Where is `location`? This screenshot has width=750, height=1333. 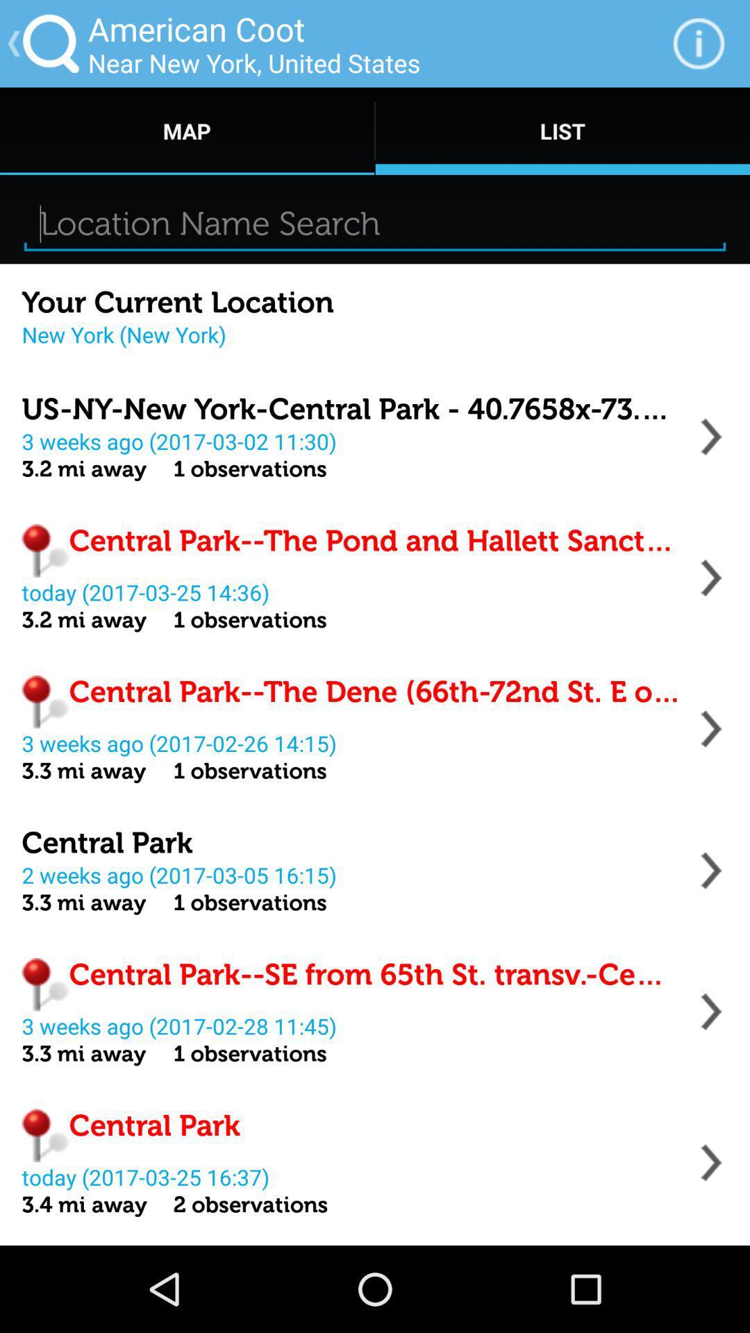 location is located at coordinates (711, 578).